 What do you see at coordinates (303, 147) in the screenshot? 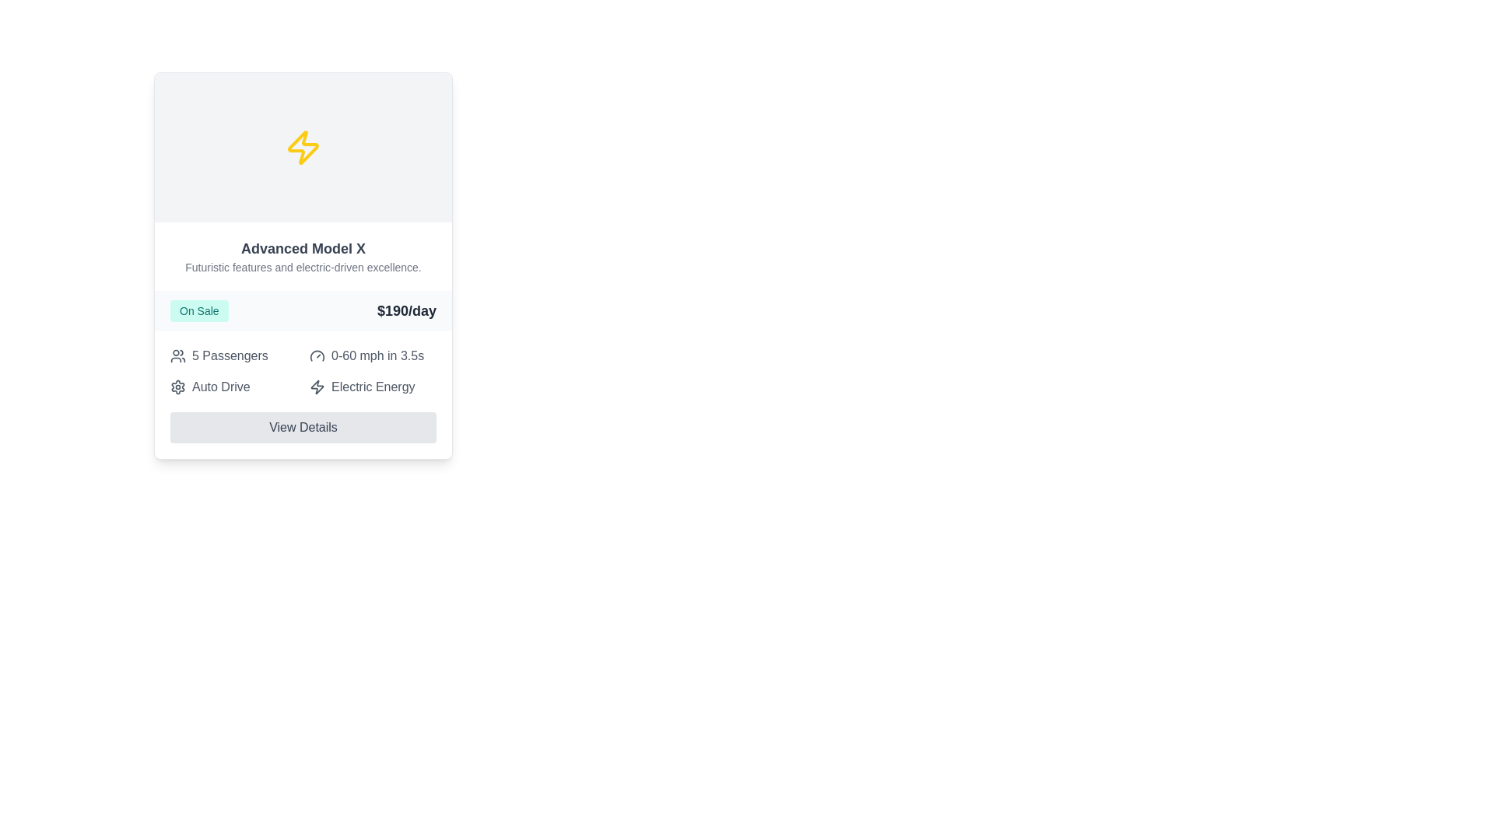
I see `the decorative icon located at the center top of the card display, directly above the title 'Advanced Model X'` at bounding box center [303, 147].